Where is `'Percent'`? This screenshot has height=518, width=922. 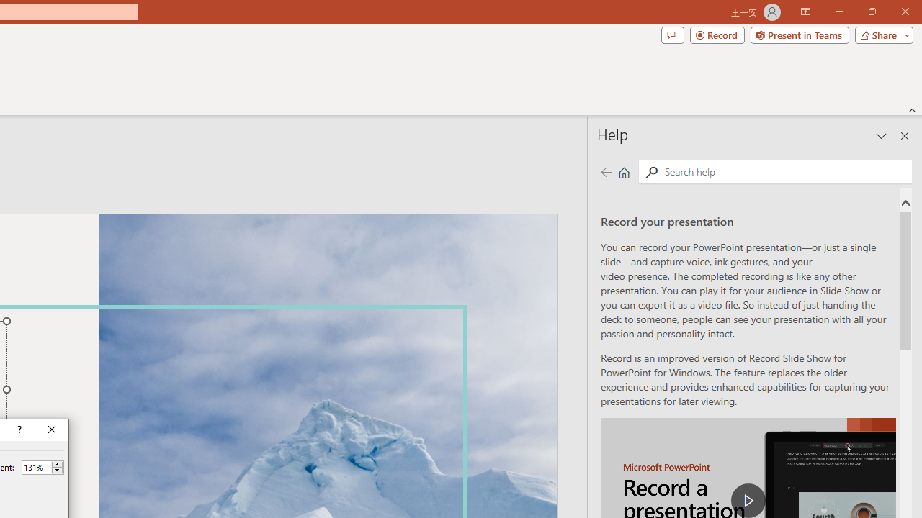
'Percent' is located at coordinates (36, 467).